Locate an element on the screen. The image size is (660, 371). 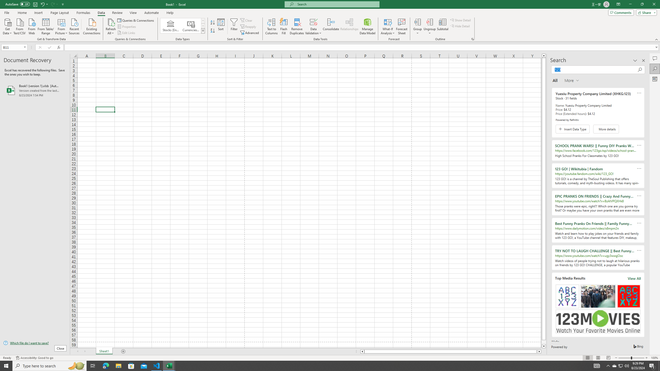
'Line up' is located at coordinates (543, 55).